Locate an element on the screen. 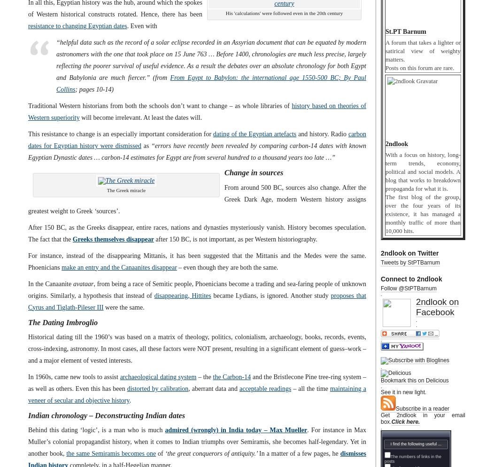 This screenshot has width=493, height=467. 'Indian chronology' is located at coordinates (57, 415).